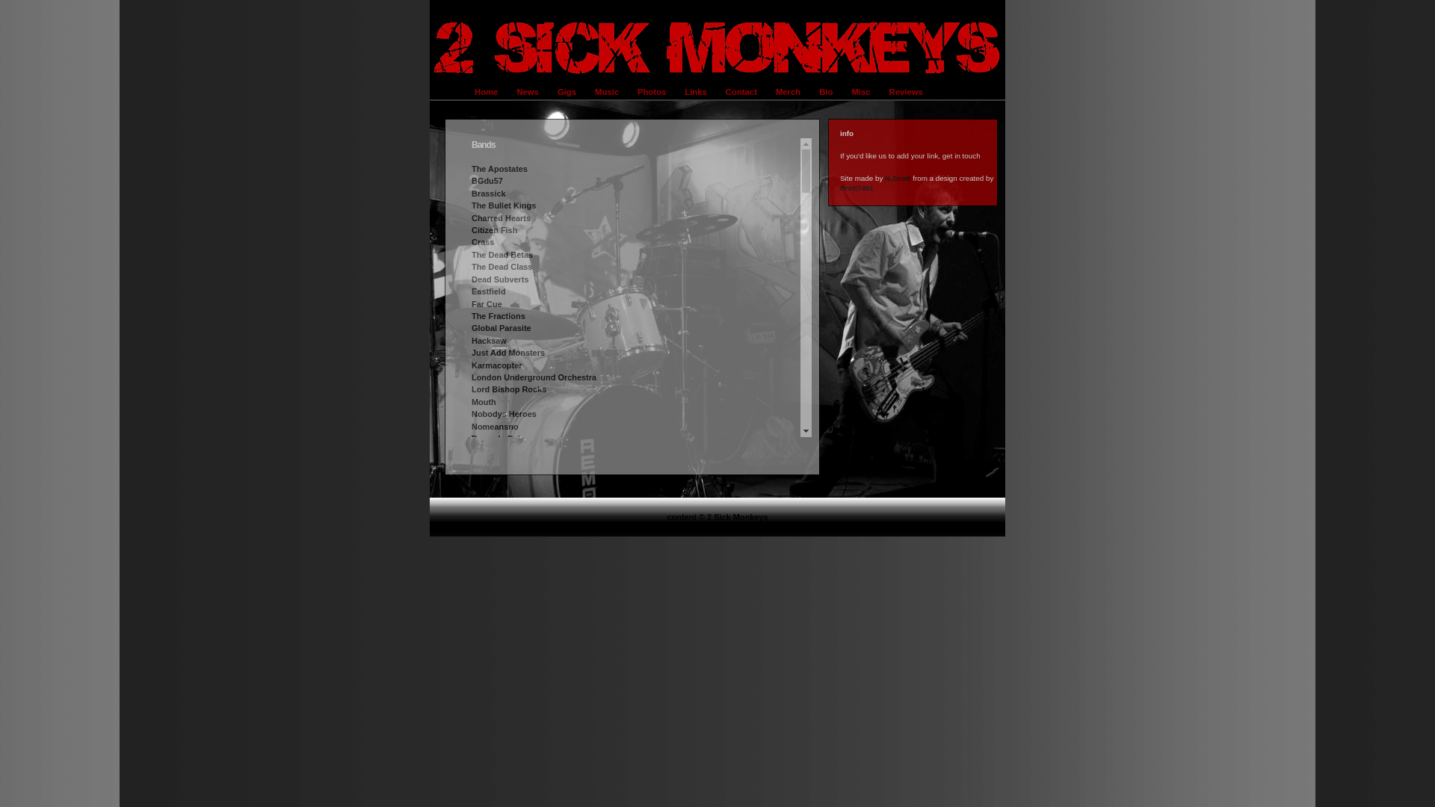 Image resolution: width=1435 pixels, height=807 pixels. I want to click on 'Just Add Monsters', so click(508, 352).